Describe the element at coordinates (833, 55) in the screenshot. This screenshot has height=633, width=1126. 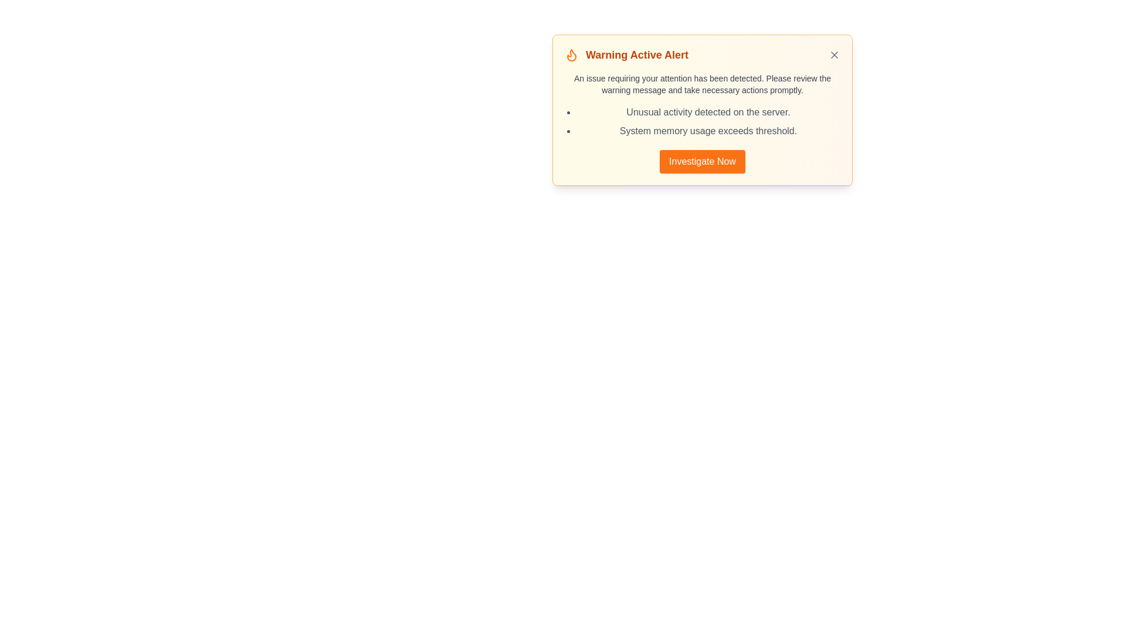
I see `close button to dismiss the alert` at that location.